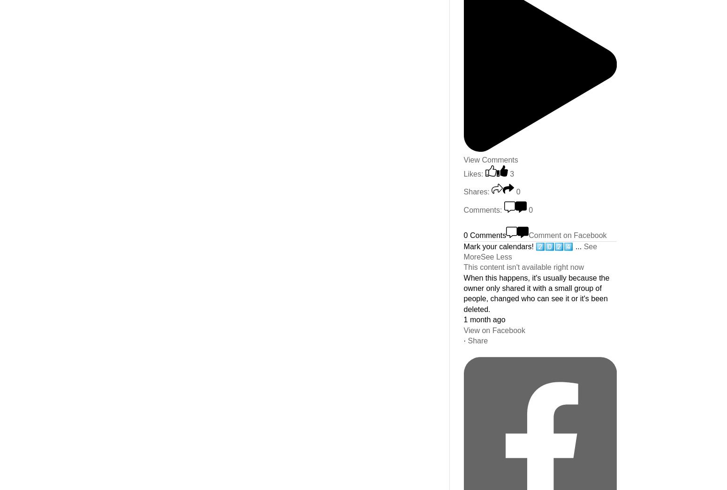 The image size is (727, 490). Describe the element at coordinates (567, 235) in the screenshot. I see `'Comment on Facebook'` at that location.